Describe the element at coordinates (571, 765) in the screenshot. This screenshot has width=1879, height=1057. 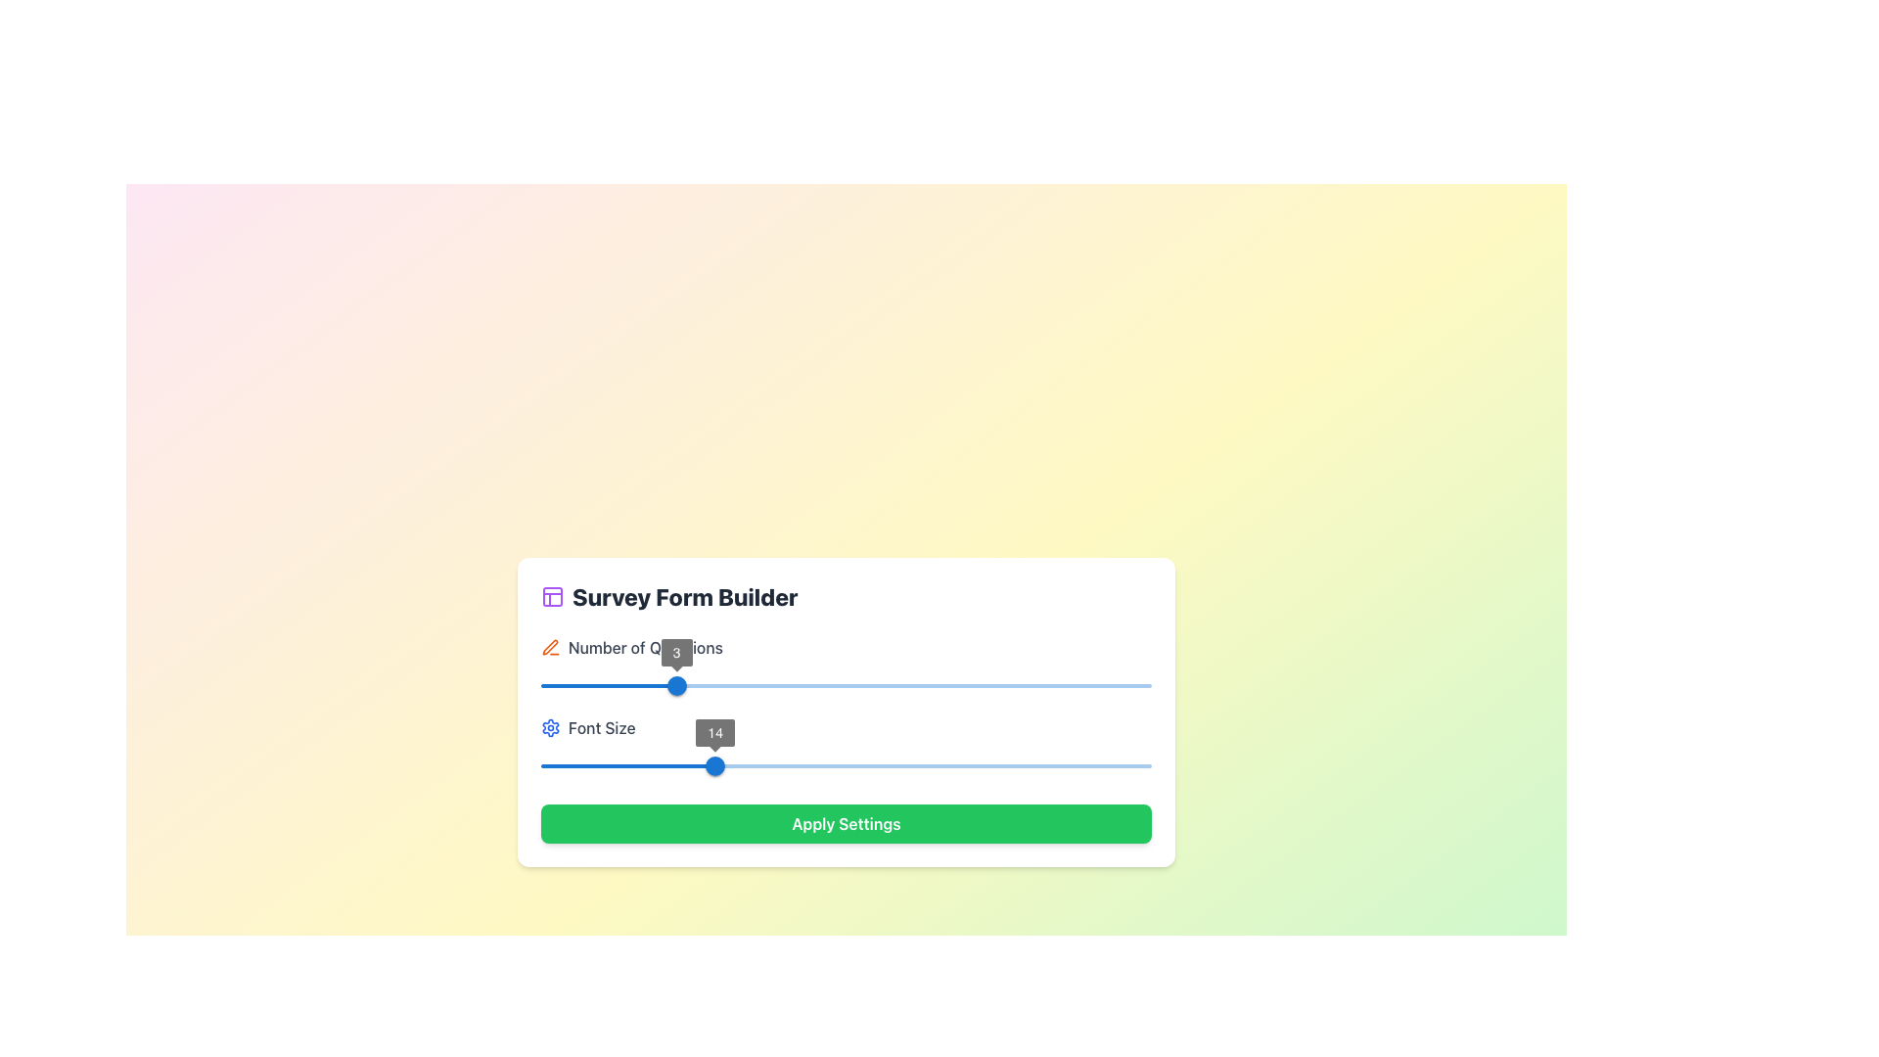
I see `font size` at that location.